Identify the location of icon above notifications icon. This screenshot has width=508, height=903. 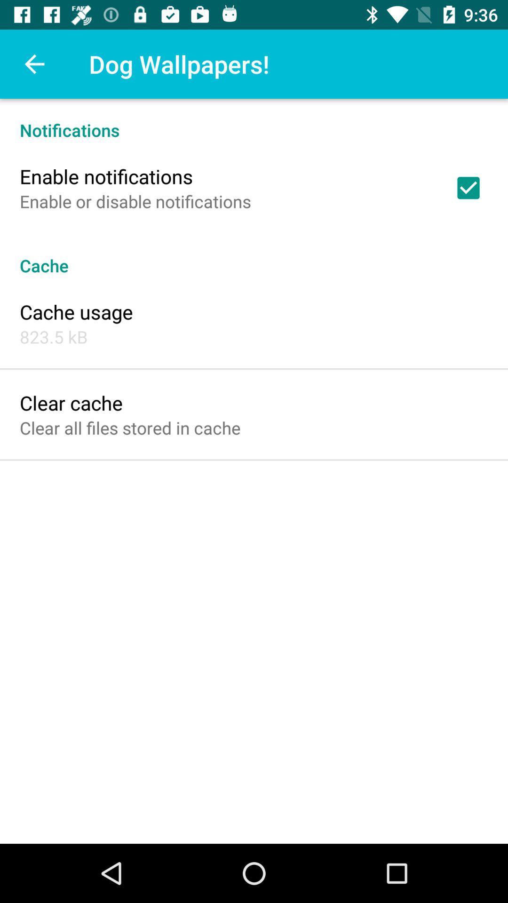
(34, 63).